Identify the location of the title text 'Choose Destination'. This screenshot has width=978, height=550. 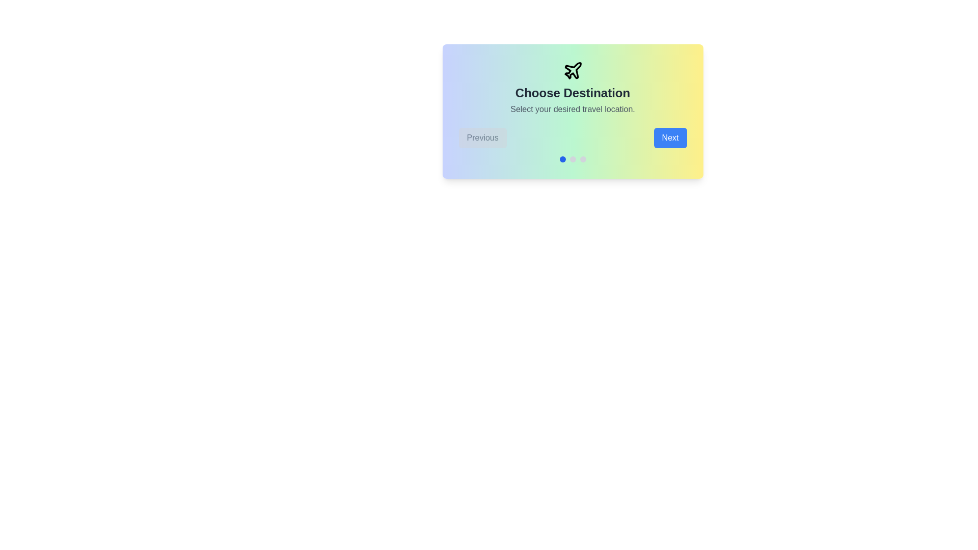
(573, 93).